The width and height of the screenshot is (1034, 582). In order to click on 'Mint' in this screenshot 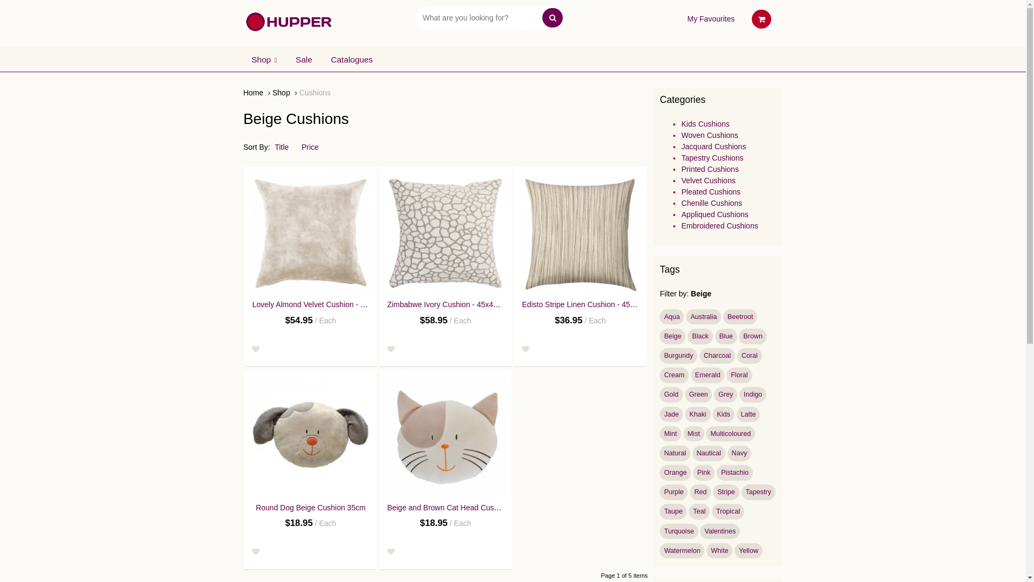, I will do `click(659, 433)`.